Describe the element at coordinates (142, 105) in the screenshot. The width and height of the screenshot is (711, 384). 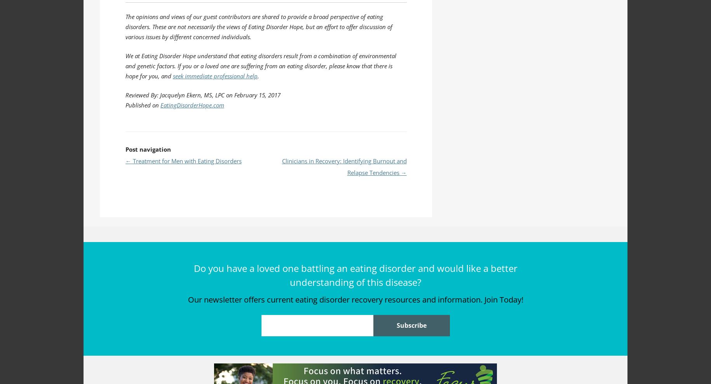
I see `'Published on'` at that location.